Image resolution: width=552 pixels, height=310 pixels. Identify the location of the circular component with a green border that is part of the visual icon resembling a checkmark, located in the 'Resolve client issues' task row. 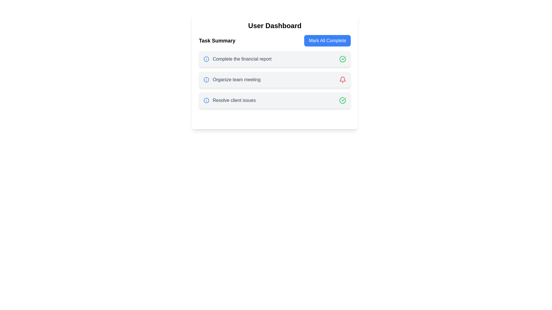
(342, 59).